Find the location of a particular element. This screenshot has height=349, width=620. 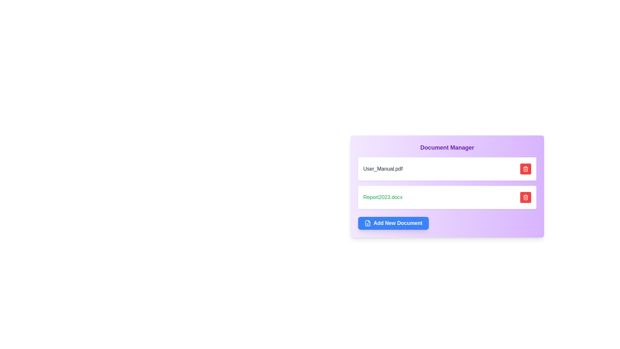

the document entry for 'User_Manual.pdf' in the 'Document Manager' section using the keyboard is located at coordinates (447, 169).